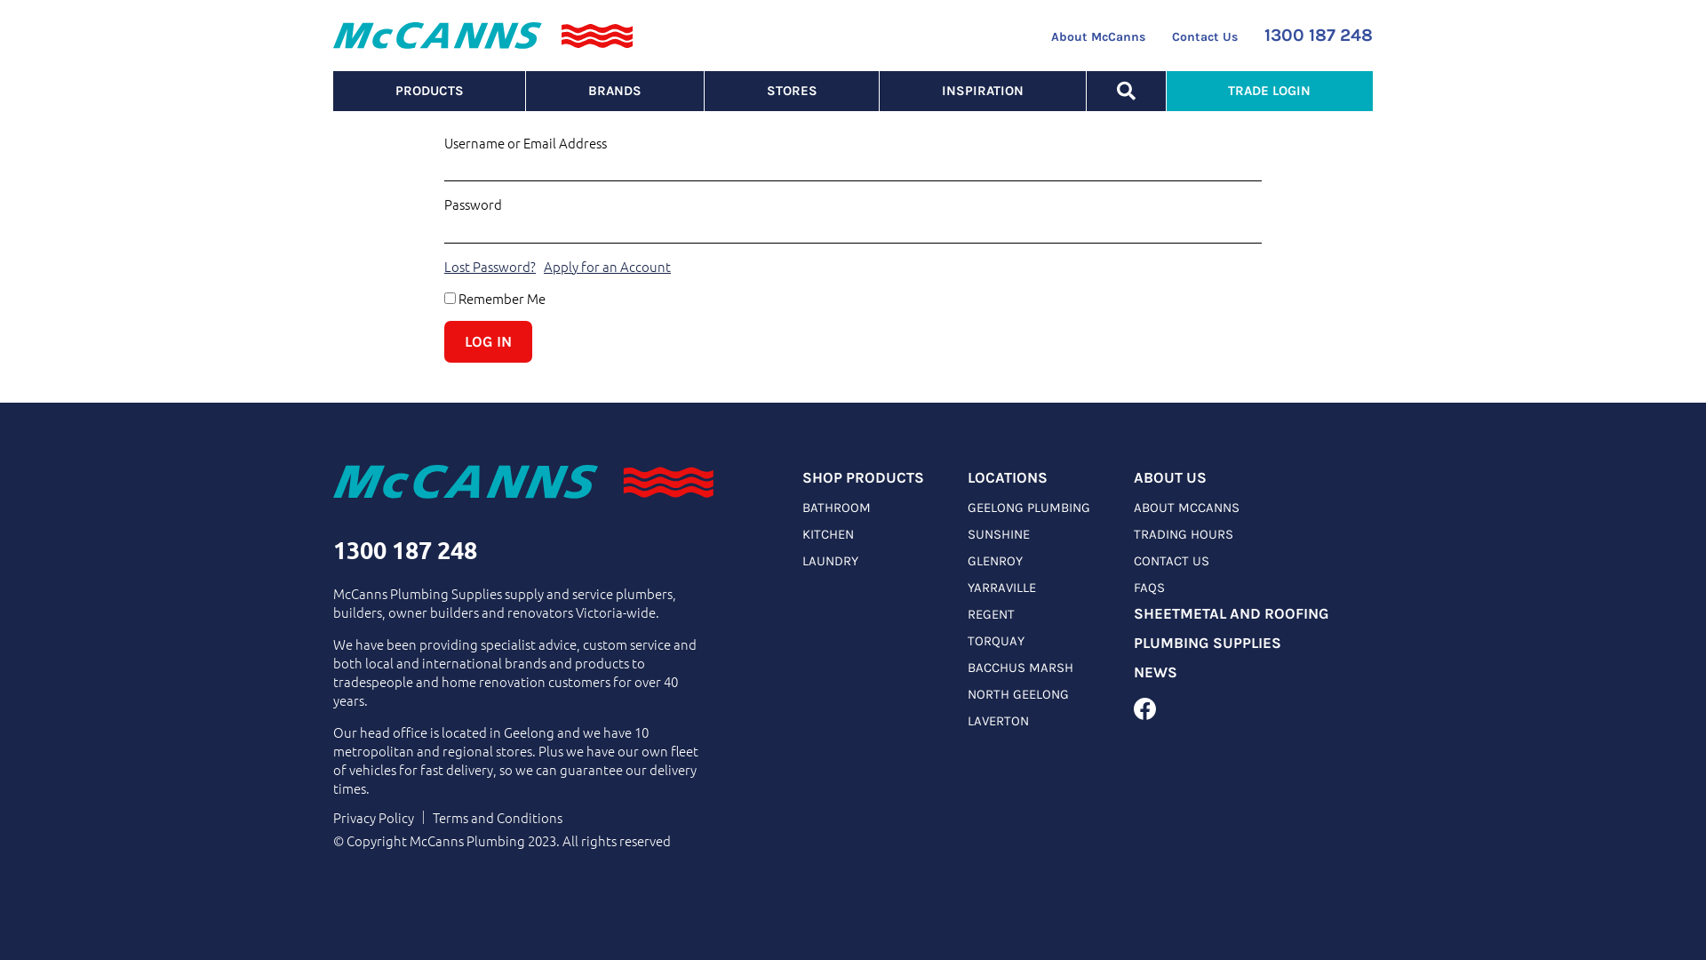 This screenshot has height=960, width=1706. Describe the element at coordinates (998, 533) in the screenshot. I see `'SUNSHINE'` at that location.